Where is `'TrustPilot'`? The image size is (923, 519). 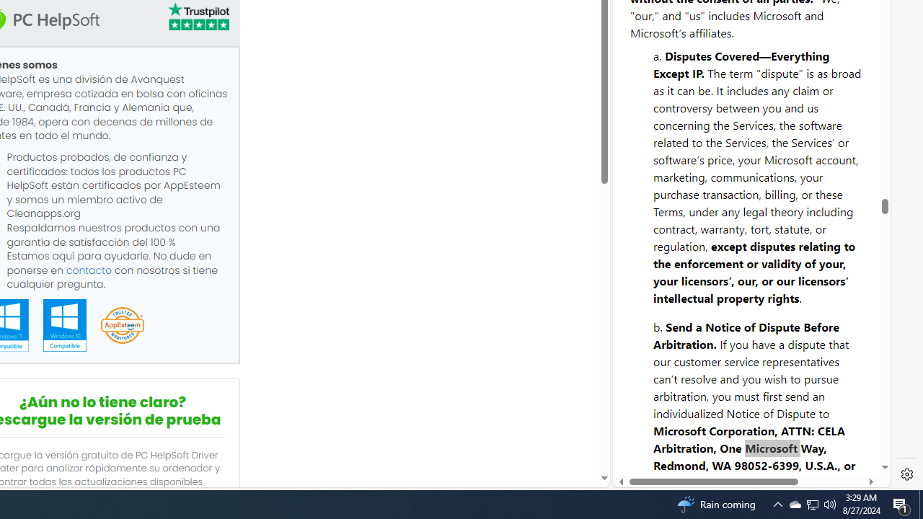 'TrustPilot' is located at coordinates (197, 19).